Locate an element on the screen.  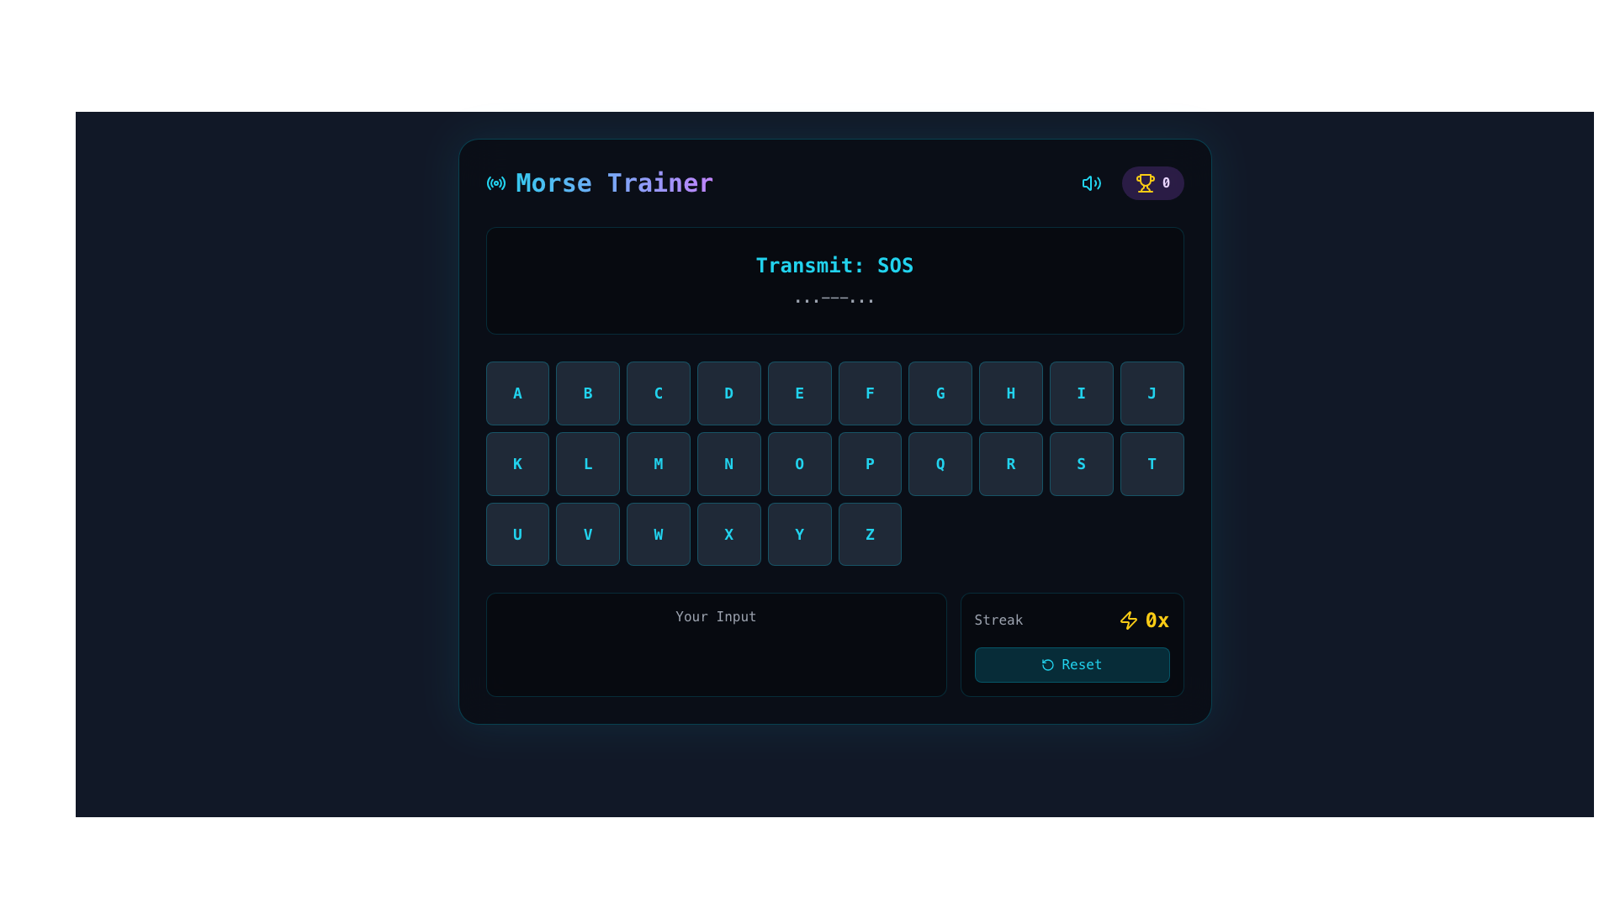
the selectable button representing the letter 'K' in the alphabet grid, located in the second row and first column is located at coordinates (516, 463).